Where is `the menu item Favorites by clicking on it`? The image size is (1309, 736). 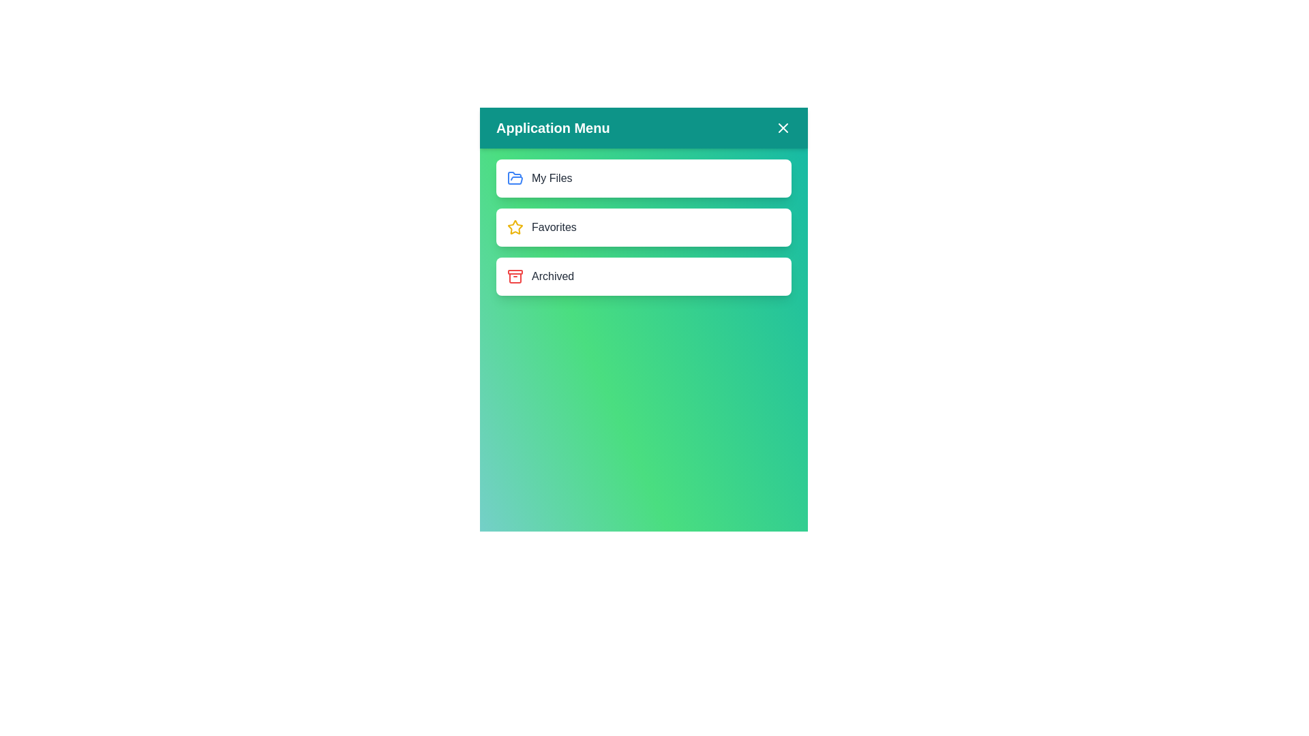
the menu item Favorites by clicking on it is located at coordinates (643, 227).